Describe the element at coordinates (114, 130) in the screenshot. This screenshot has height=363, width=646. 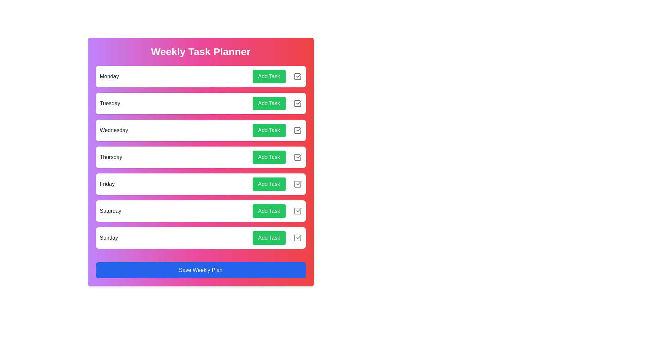
I see `the day name Wednesday` at that location.